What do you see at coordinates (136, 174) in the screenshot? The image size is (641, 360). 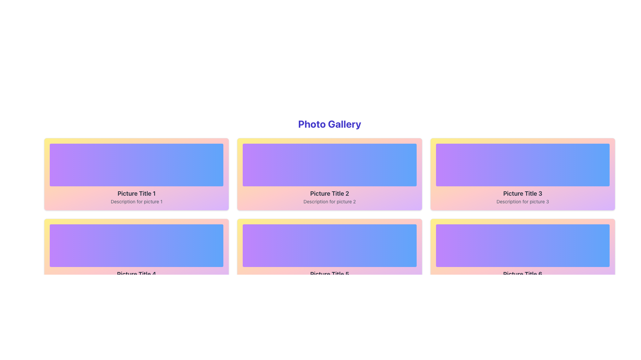 I see `the gallery item card located at the top-left corner of the grid` at bounding box center [136, 174].